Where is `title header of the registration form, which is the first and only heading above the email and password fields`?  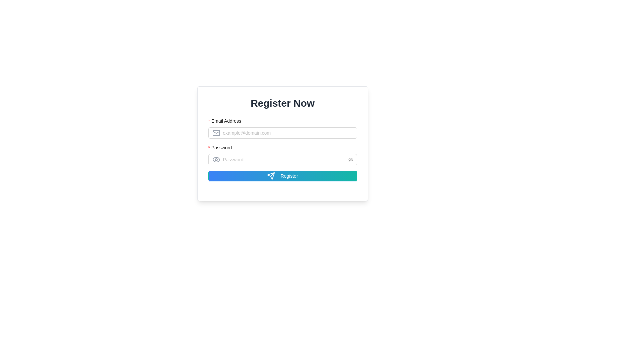
title header of the registration form, which is the first and only heading above the email and password fields is located at coordinates (282, 103).